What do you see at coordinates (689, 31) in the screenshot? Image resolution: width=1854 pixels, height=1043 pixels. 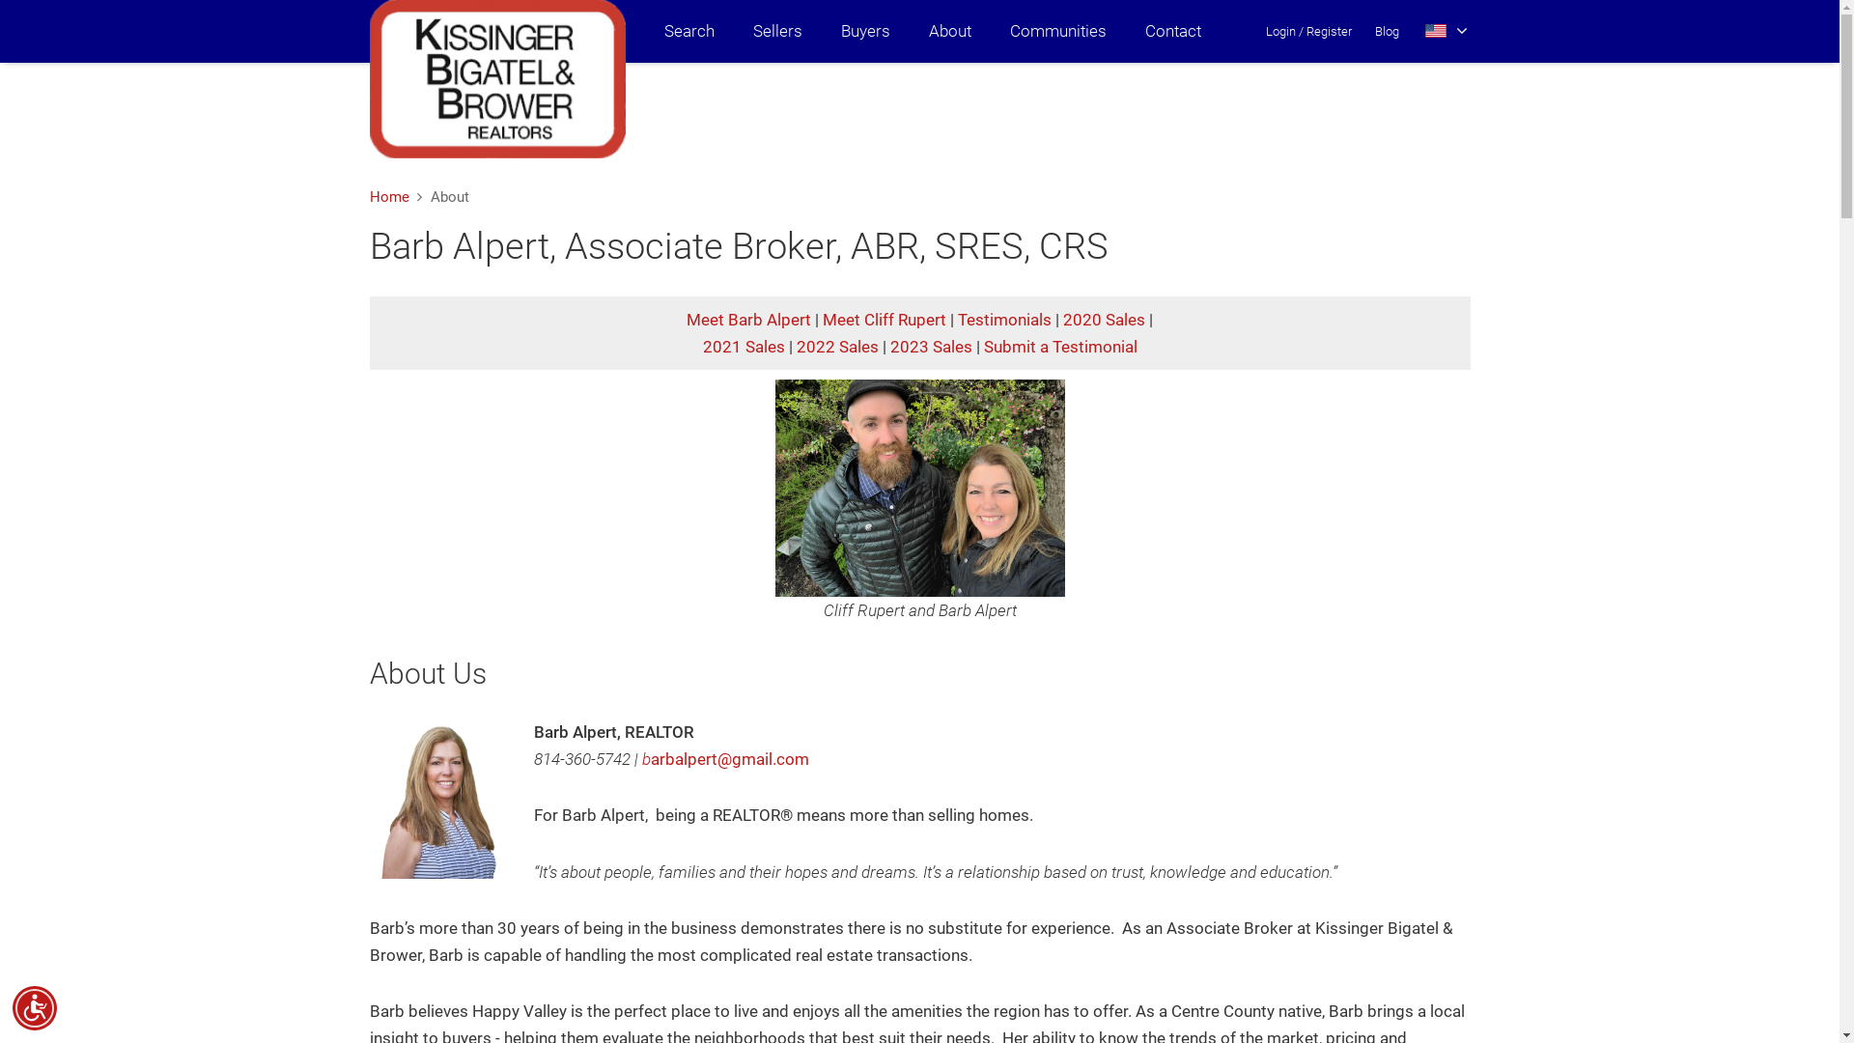 I see `'Search'` at bounding box center [689, 31].